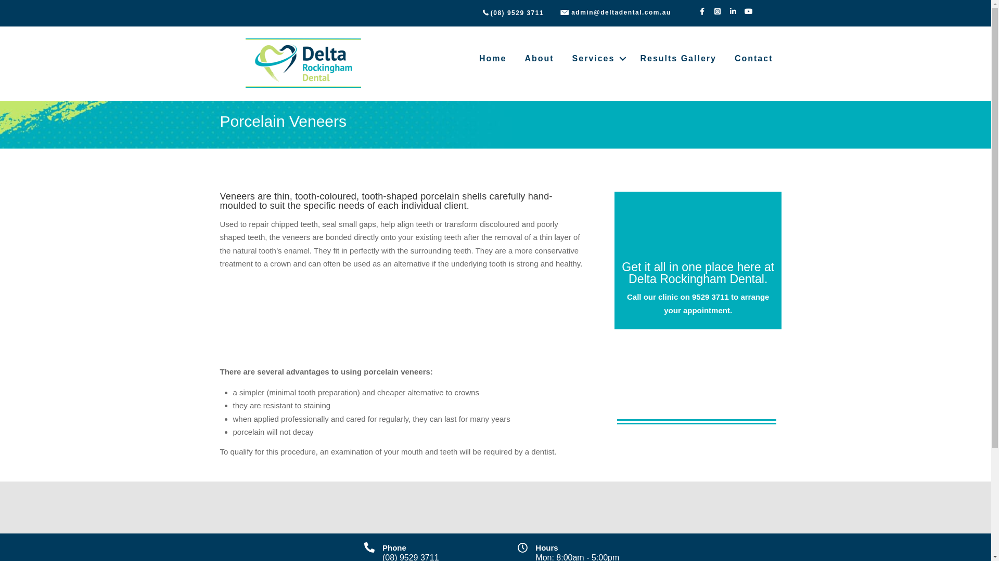  I want to click on 'About', so click(539, 58).